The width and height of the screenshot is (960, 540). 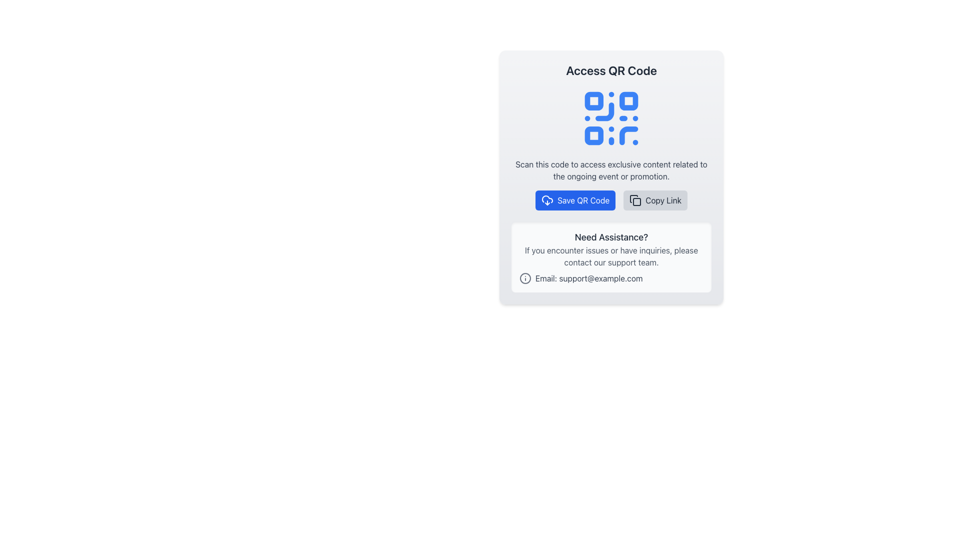 What do you see at coordinates (525, 278) in the screenshot?
I see `the vector graphics circle representing an information symbol, located in the top-left quadrant of the interface` at bounding box center [525, 278].